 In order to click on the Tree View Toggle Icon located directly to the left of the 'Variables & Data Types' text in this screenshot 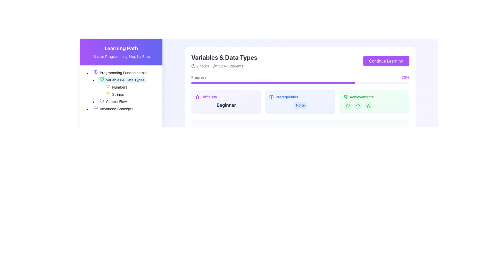, I will do `click(94, 80)`.